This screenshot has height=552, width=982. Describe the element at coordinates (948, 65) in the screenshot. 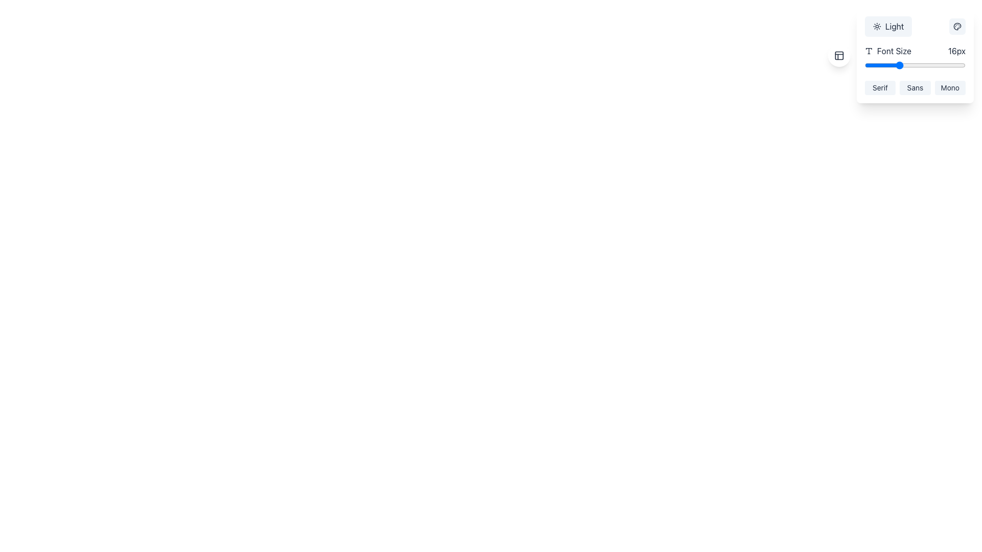

I see `the font size` at that location.